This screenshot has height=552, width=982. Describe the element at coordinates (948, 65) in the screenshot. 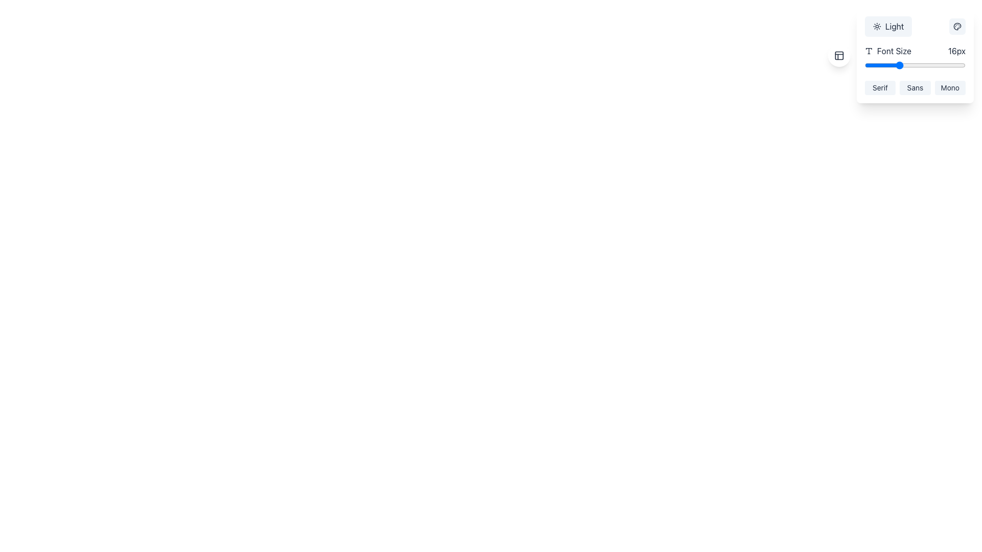

I see `the font size` at that location.